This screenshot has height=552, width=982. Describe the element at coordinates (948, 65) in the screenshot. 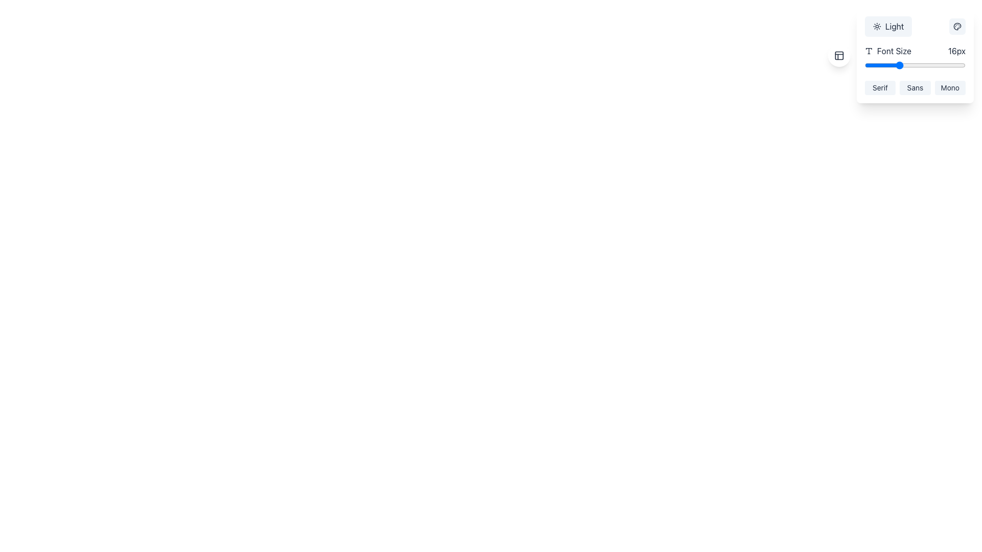

I see `the font size` at that location.